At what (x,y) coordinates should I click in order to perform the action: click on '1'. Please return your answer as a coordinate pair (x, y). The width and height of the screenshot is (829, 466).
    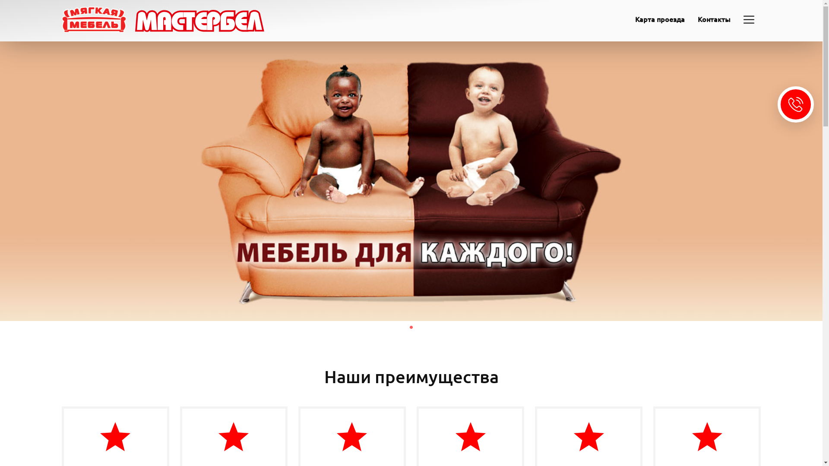
    Looking at the image, I should click on (410, 327).